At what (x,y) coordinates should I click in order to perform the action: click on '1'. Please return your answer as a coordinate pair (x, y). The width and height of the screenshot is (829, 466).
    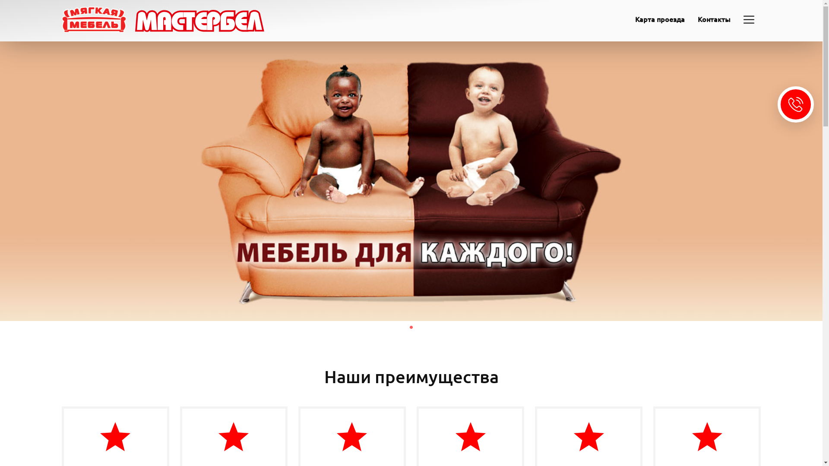
    Looking at the image, I should click on (410, 327).